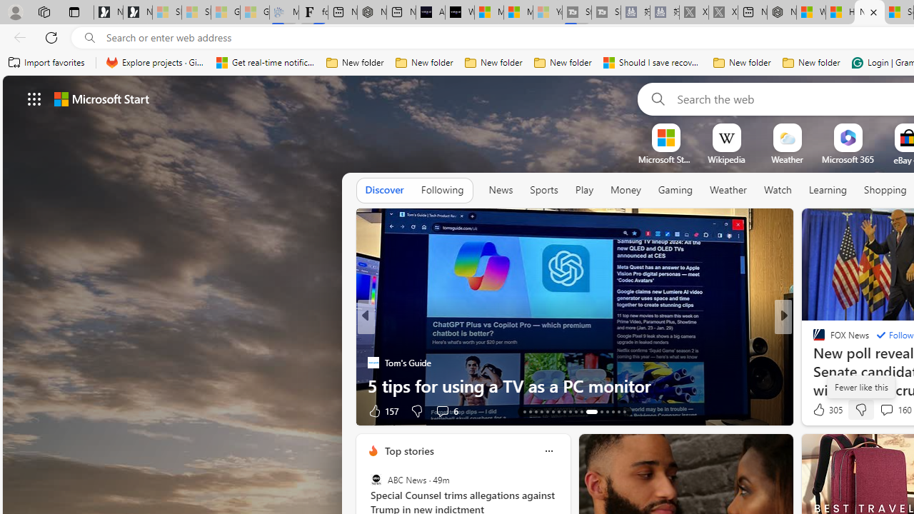 The image size is (914, 514). Describe the element at coordinates (626, 190) in the screenshot. I see `'Money'` at that location.